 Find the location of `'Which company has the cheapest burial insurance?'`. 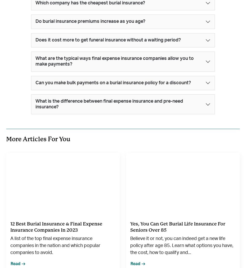

'Which company has the cheapest burial insurance?' is located at coordinates (35, 3).